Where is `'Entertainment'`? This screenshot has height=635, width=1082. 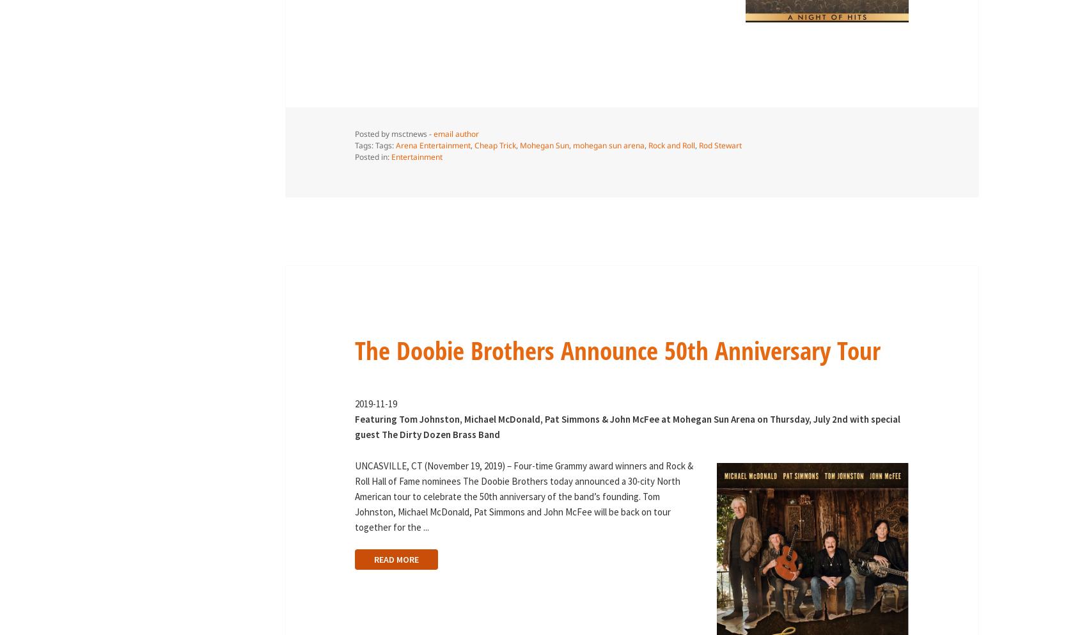
'Entertainment' is located at coordinates (416, 155).